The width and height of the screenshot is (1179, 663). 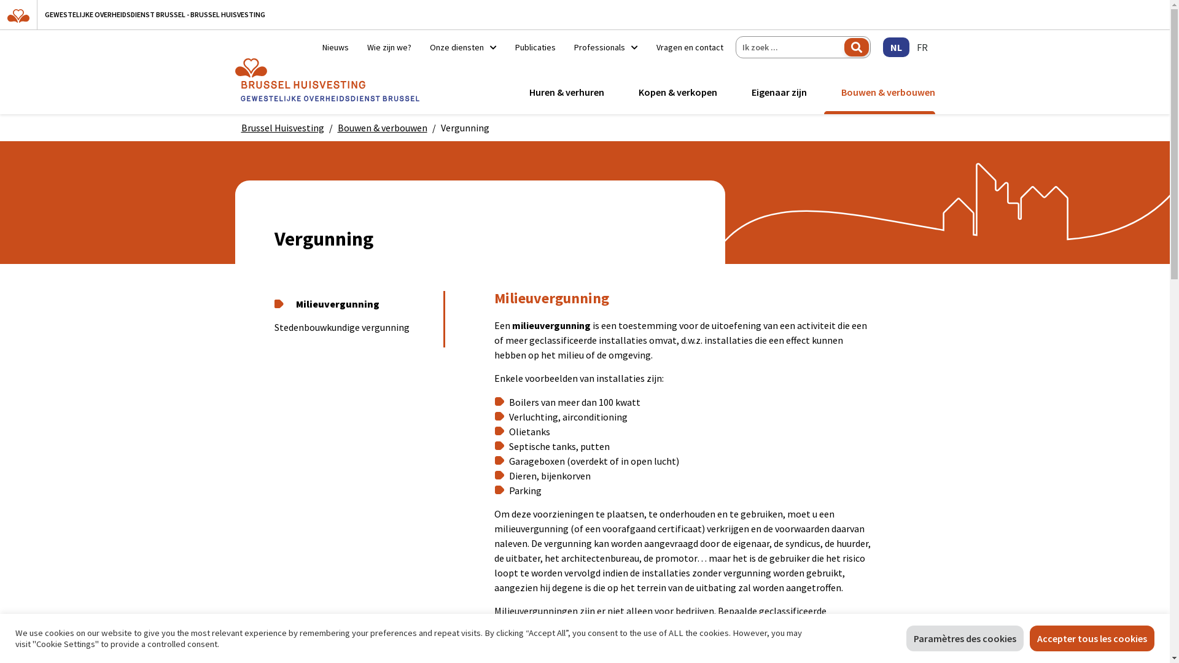 What do you see at coordinates (836, 91) in the screenshot?
I see `'Bouwen & verbouwen'` at bounding box center [836, 91].